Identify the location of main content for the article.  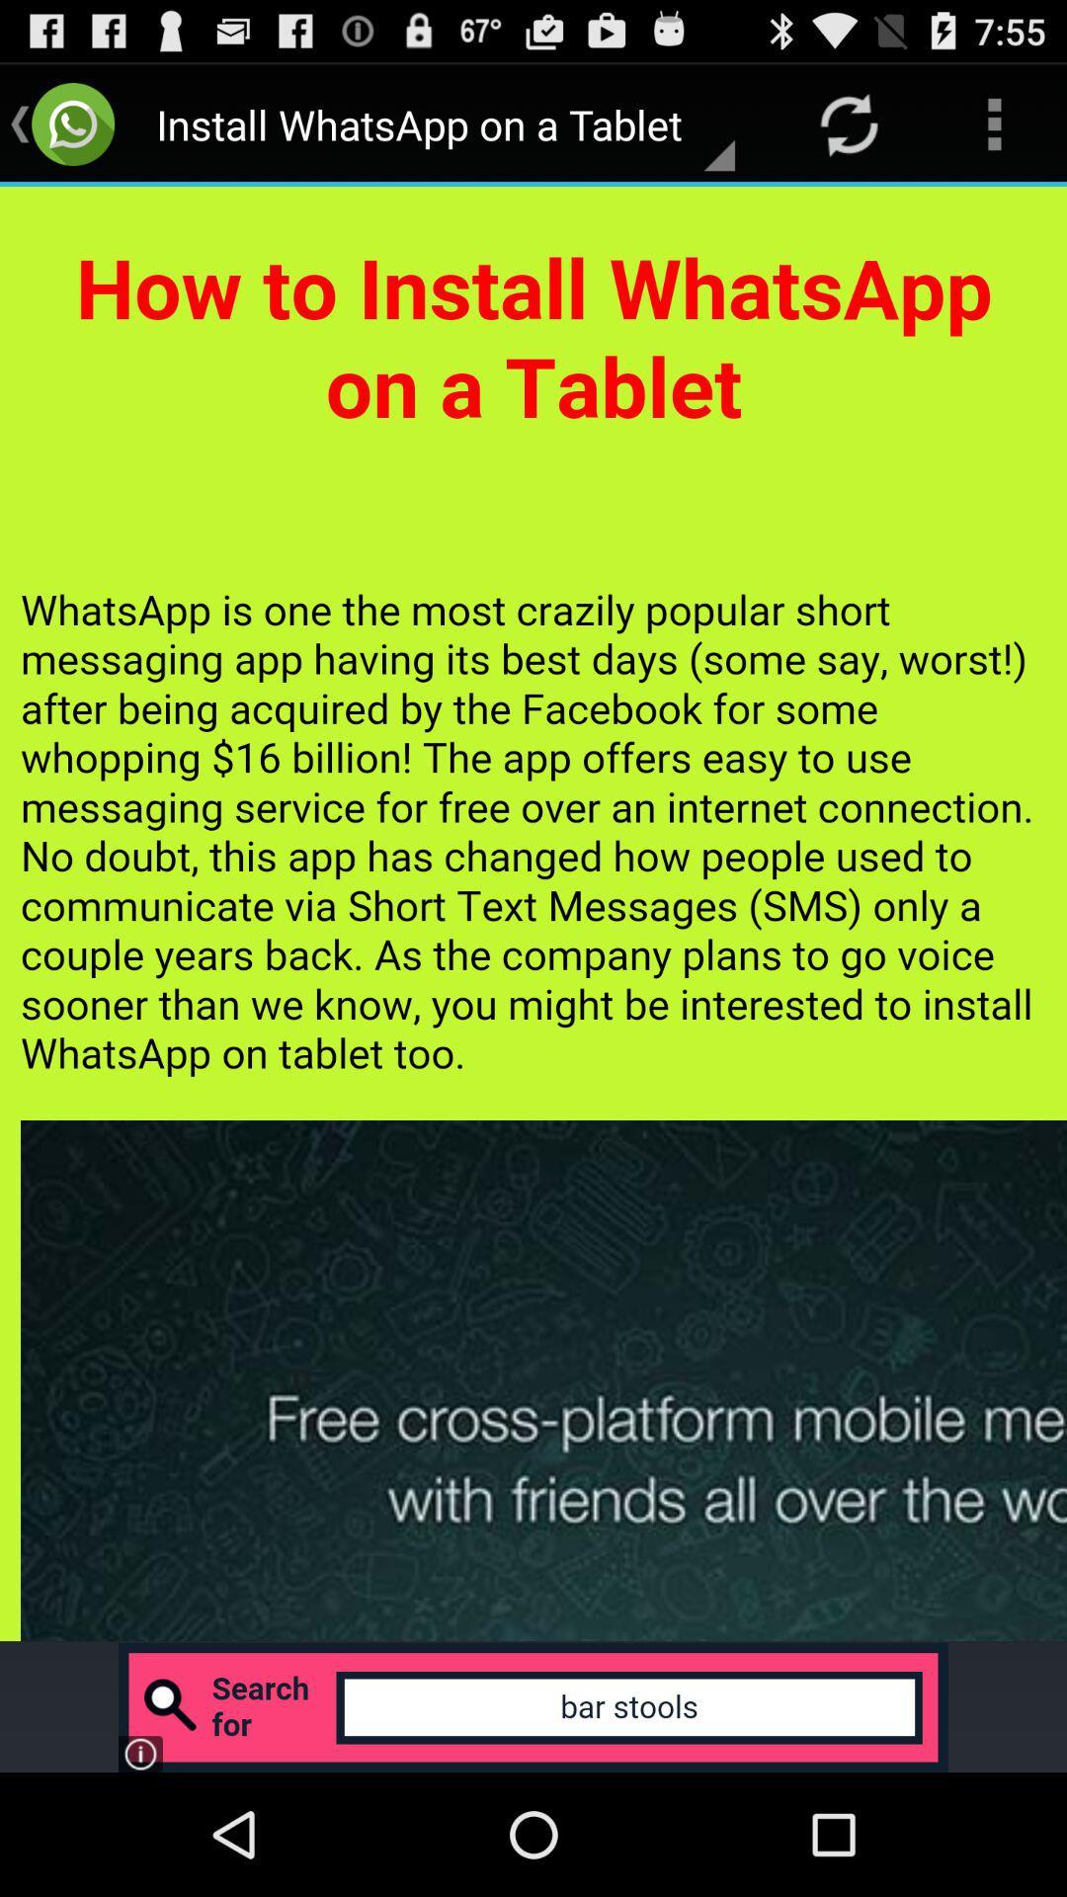
(533, 913).